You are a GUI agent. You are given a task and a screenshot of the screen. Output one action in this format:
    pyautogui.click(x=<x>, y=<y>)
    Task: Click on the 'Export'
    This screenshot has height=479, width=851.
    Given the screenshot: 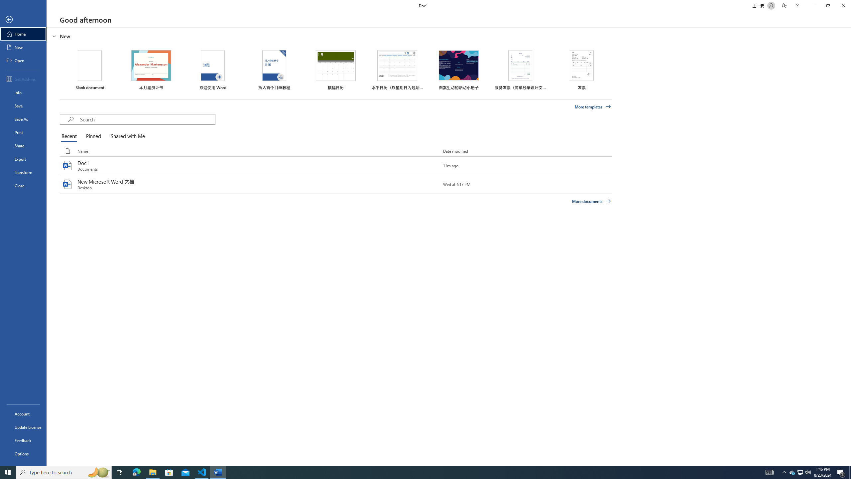 What is the action you would take?
    pyautogui.click(x=23, y=159)
    